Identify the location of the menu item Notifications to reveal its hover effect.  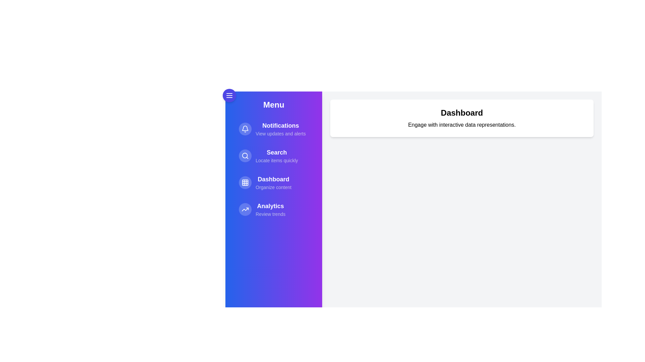
(274, 129).